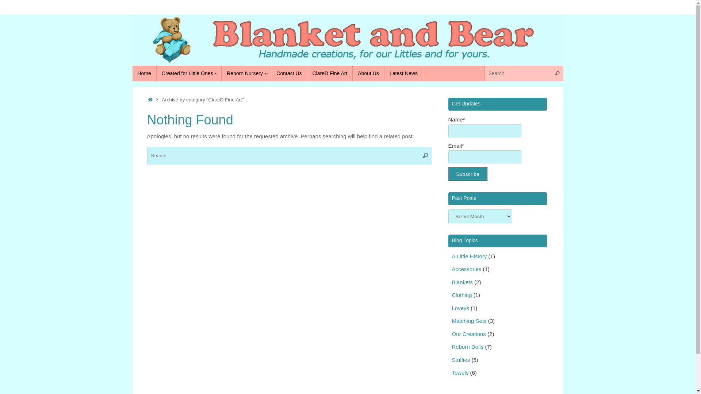 This screenshot has width=701, height=394. Describe the element at coordinates (246, 73) in the screenshot. I see `'Reborn Nursery'` at that location.